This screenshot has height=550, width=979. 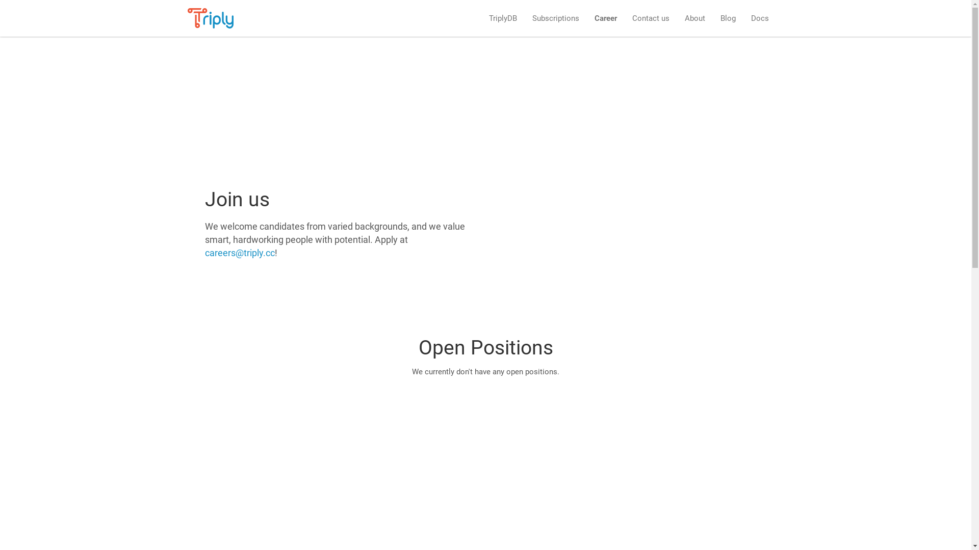 What do you see at coordinates (694, 18) in the screenshot?
I see `'About'` at bounding box center [694, 18].